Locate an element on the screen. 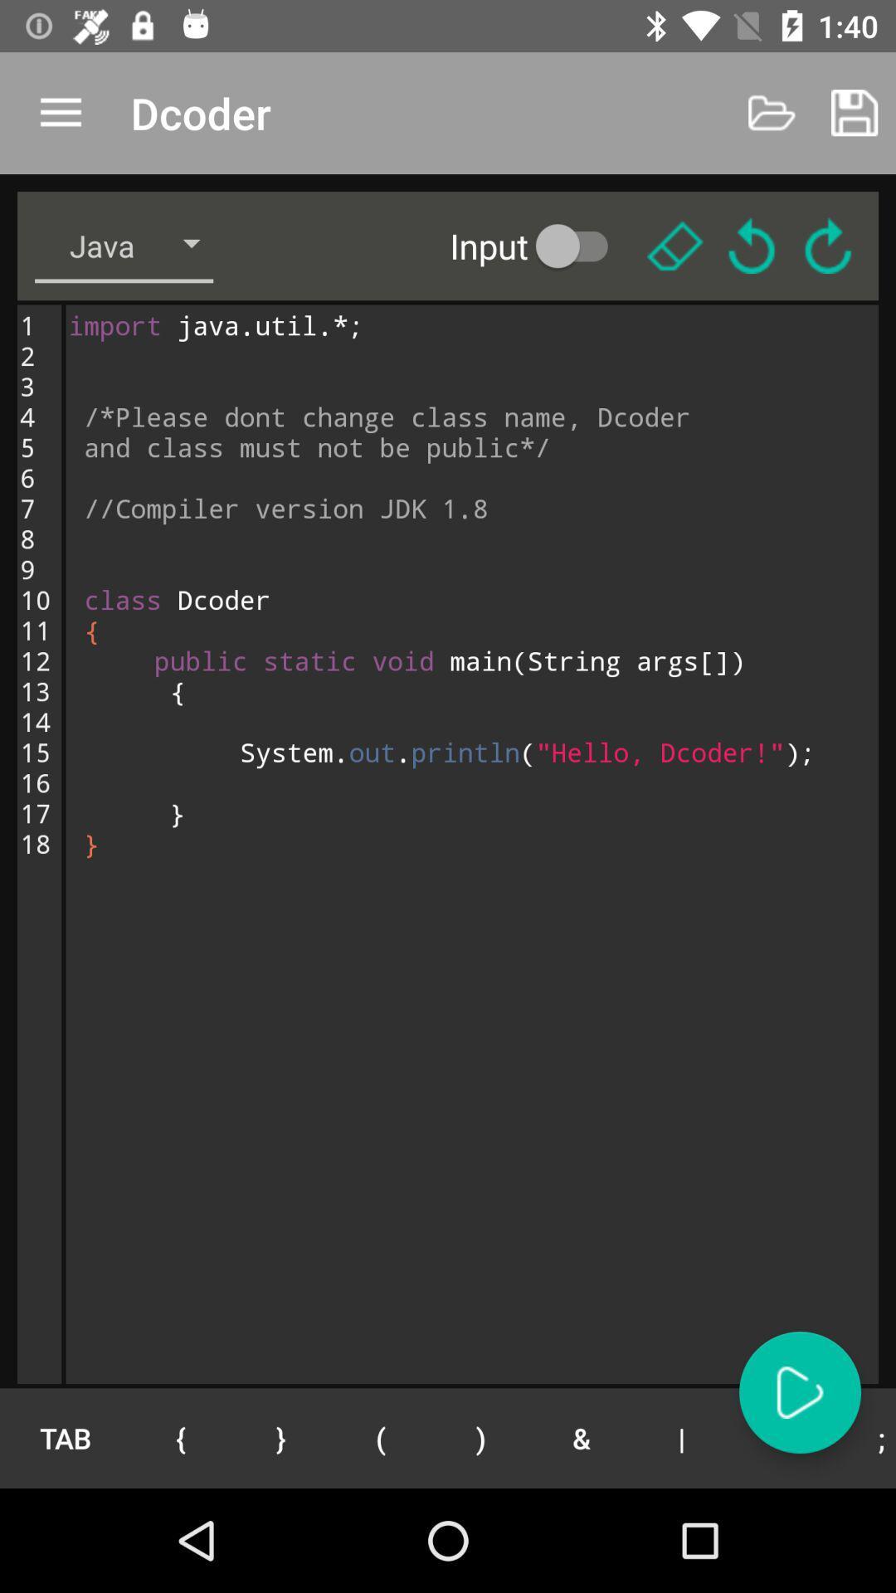 The image size is (896, 1593). the play icon is located at coordinates (799, 1392).